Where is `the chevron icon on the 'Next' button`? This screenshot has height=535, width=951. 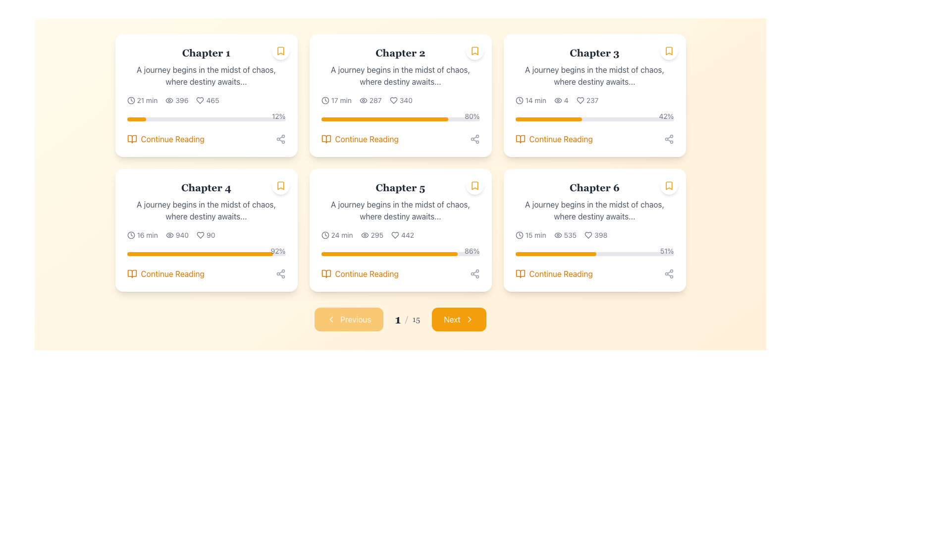
the chevron icon on the 'Next' button is located at coordinates (469, 319).